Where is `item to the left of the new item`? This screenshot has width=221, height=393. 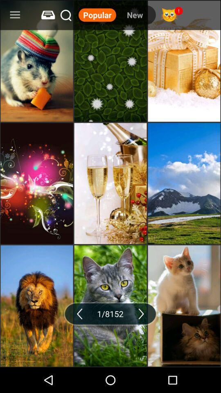
item to the left of the new item is located at coordinates (97, 14).